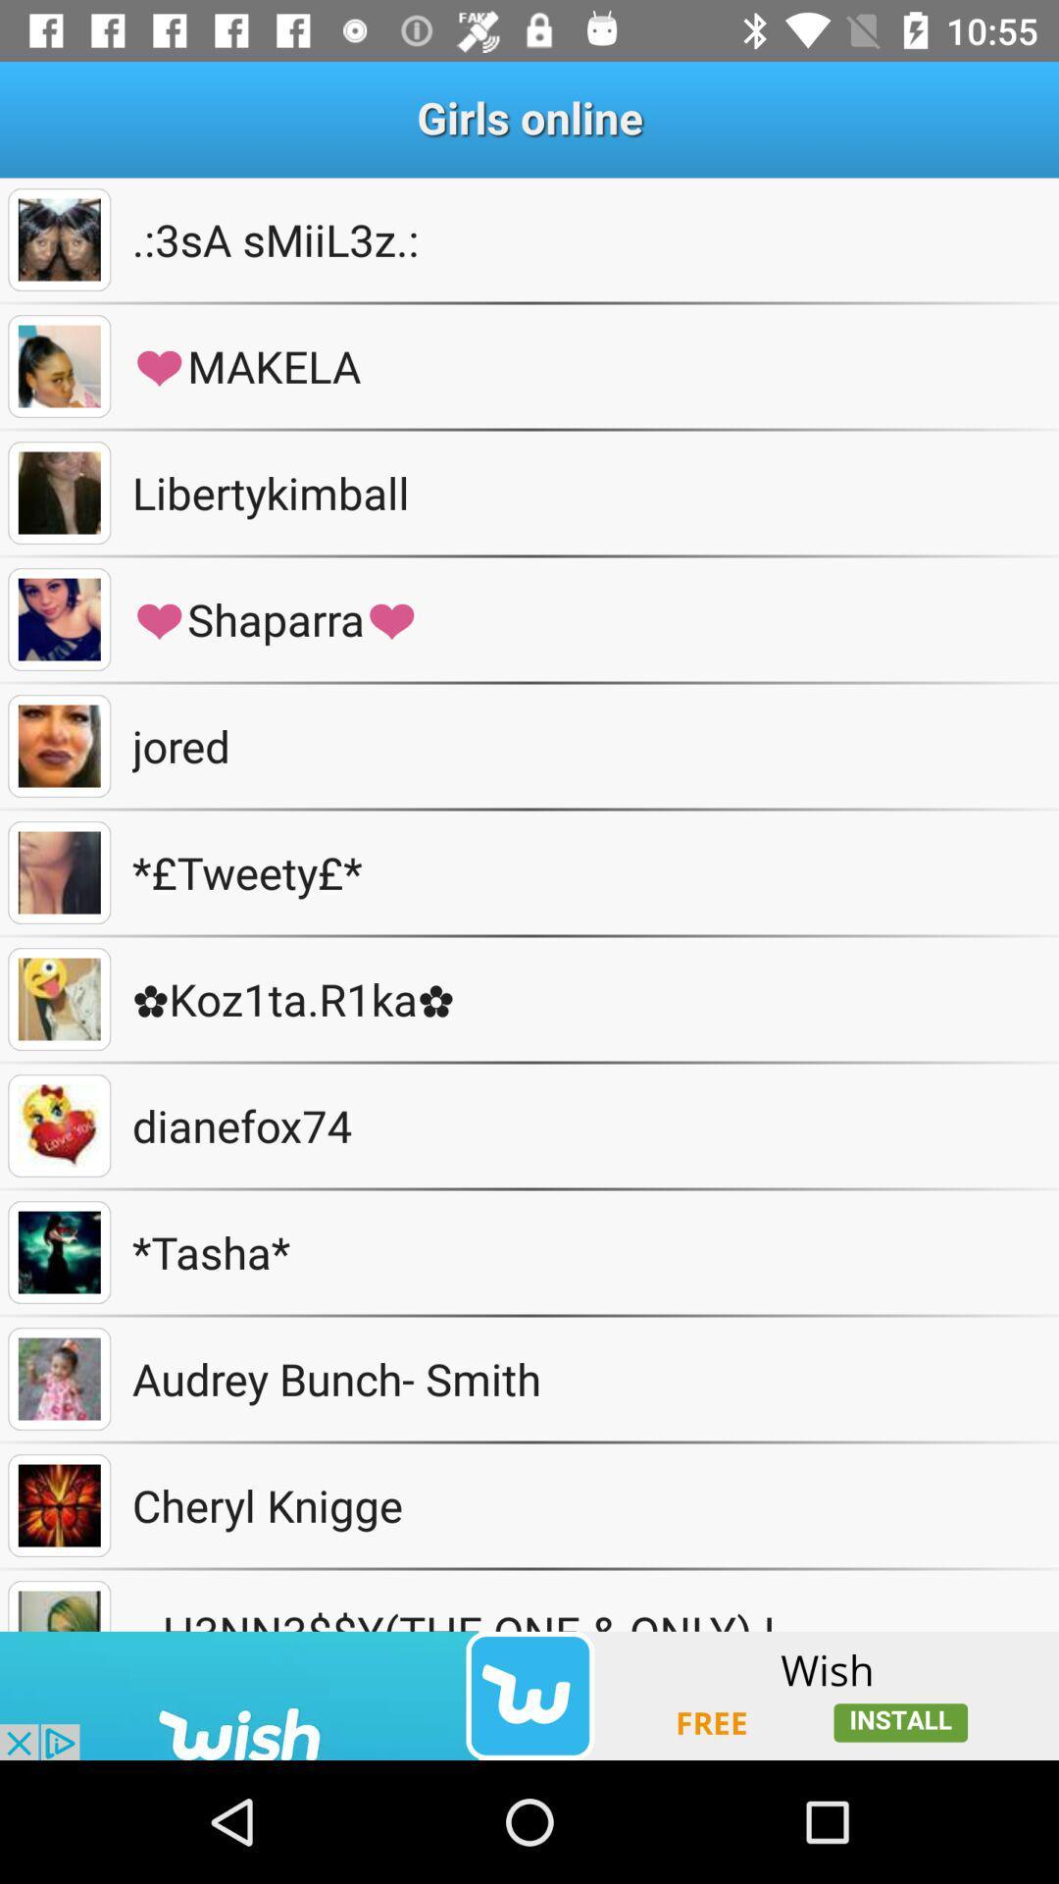  What do you see at coordinates (58, 1605) in the screenshot?
I see `choose profile` at bounding box center [58, 1605].